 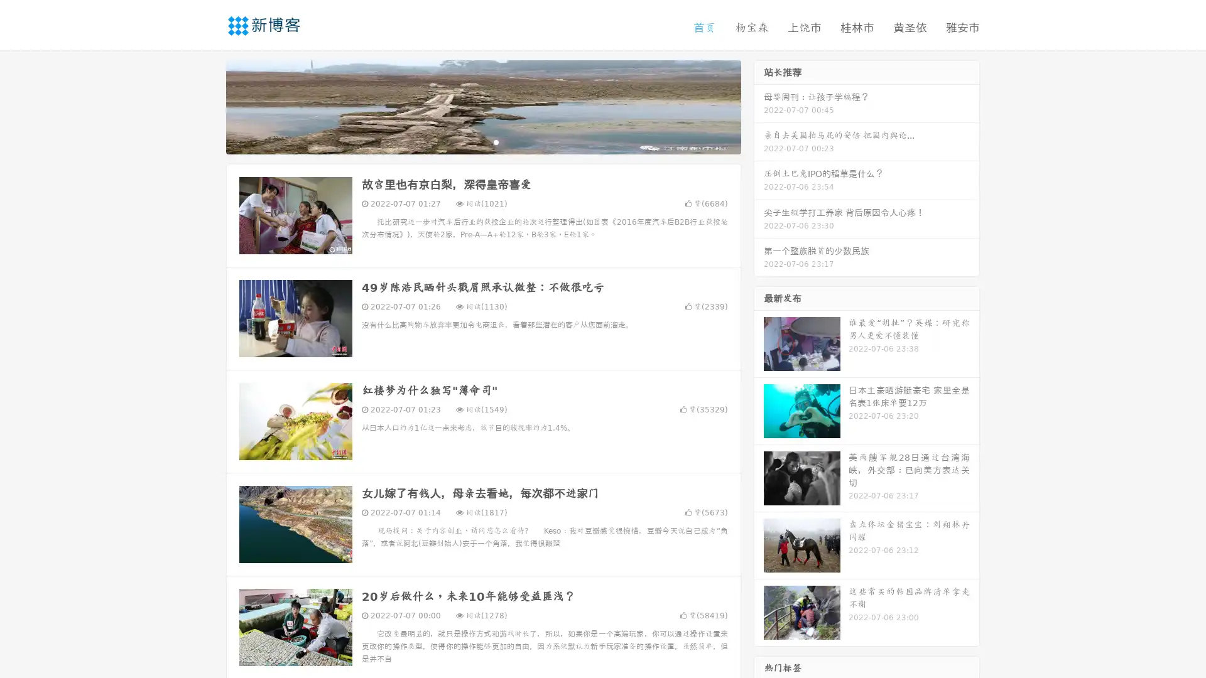 I want to click on Go to slide 1, so click(x=470, y=141).